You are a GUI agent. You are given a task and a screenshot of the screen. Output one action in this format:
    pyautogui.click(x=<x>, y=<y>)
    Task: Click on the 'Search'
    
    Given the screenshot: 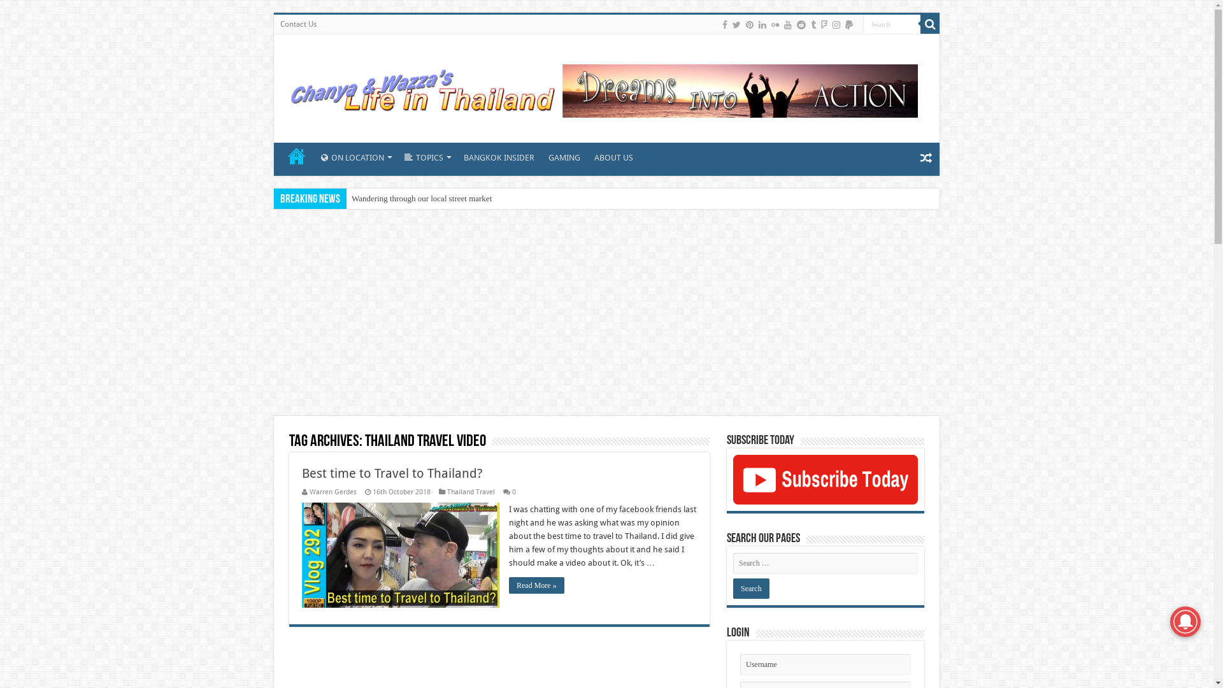 What is the action you would take?
    pyautogui.click(x=891, y=24)
    